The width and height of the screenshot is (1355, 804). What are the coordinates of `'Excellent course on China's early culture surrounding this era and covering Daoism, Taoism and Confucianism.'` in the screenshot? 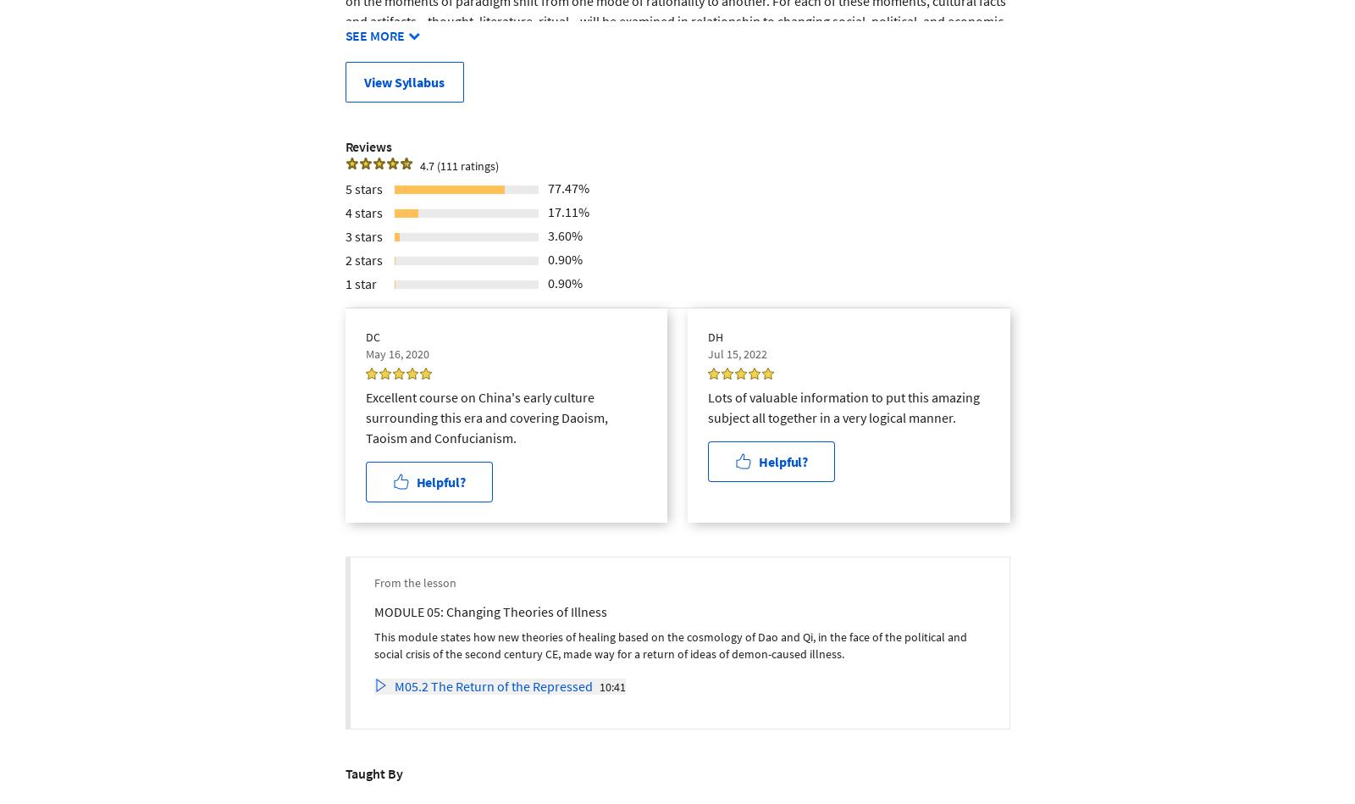 It's located at (485, 415).